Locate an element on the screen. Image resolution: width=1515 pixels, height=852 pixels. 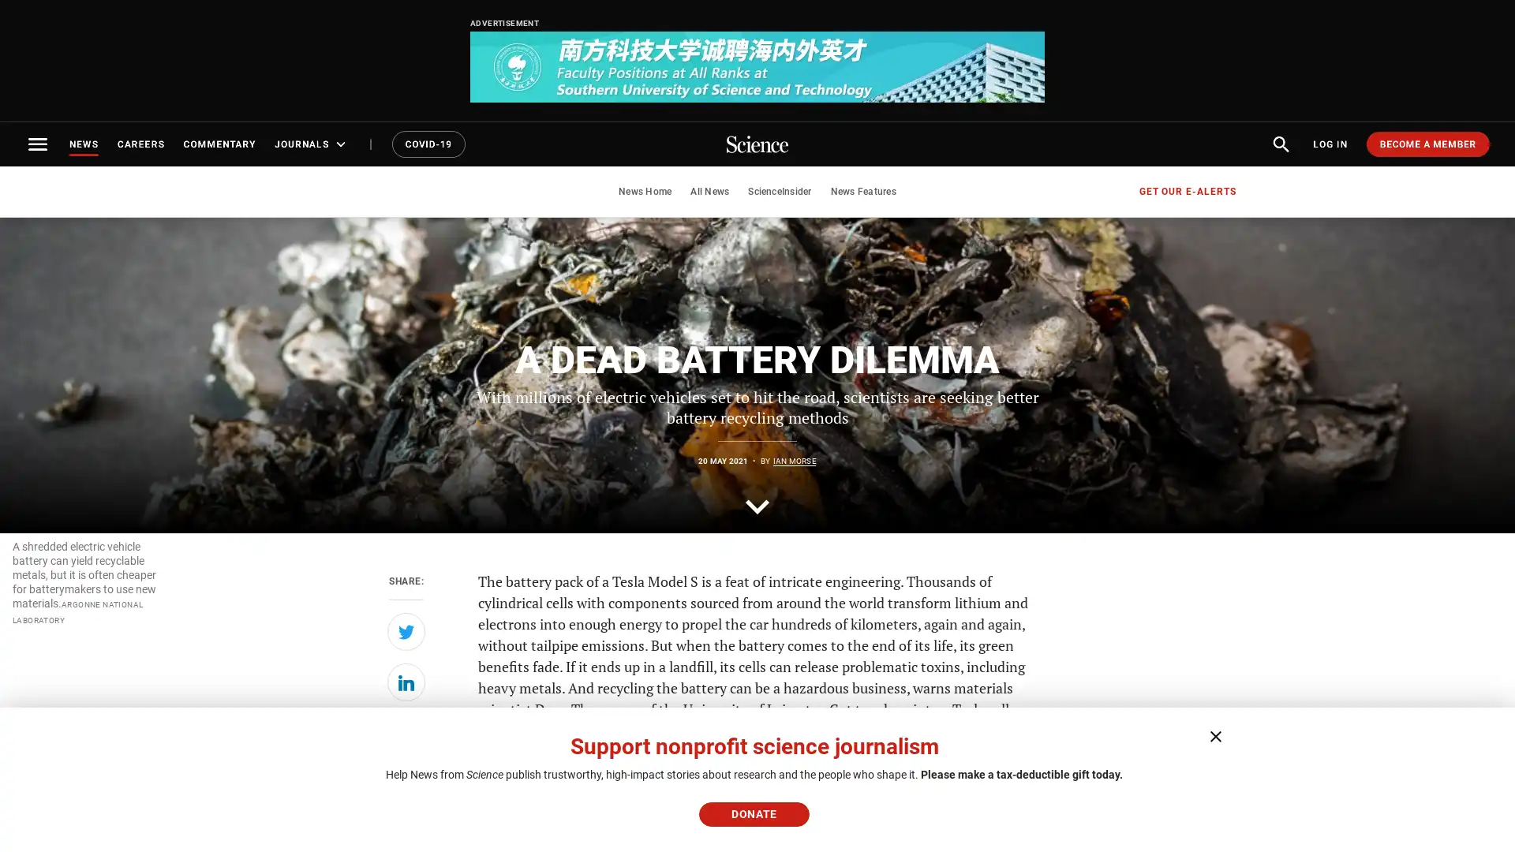
Toggle navigation is located at coordinates (38, 144).